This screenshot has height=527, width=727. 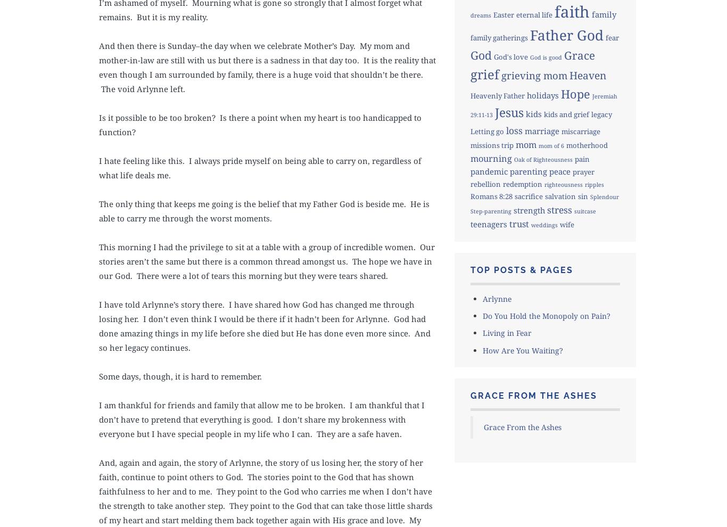 What do you see at coordinates (593, 184) in the screenshot?
I see `'ripples'` at bounding box center [593, 184].